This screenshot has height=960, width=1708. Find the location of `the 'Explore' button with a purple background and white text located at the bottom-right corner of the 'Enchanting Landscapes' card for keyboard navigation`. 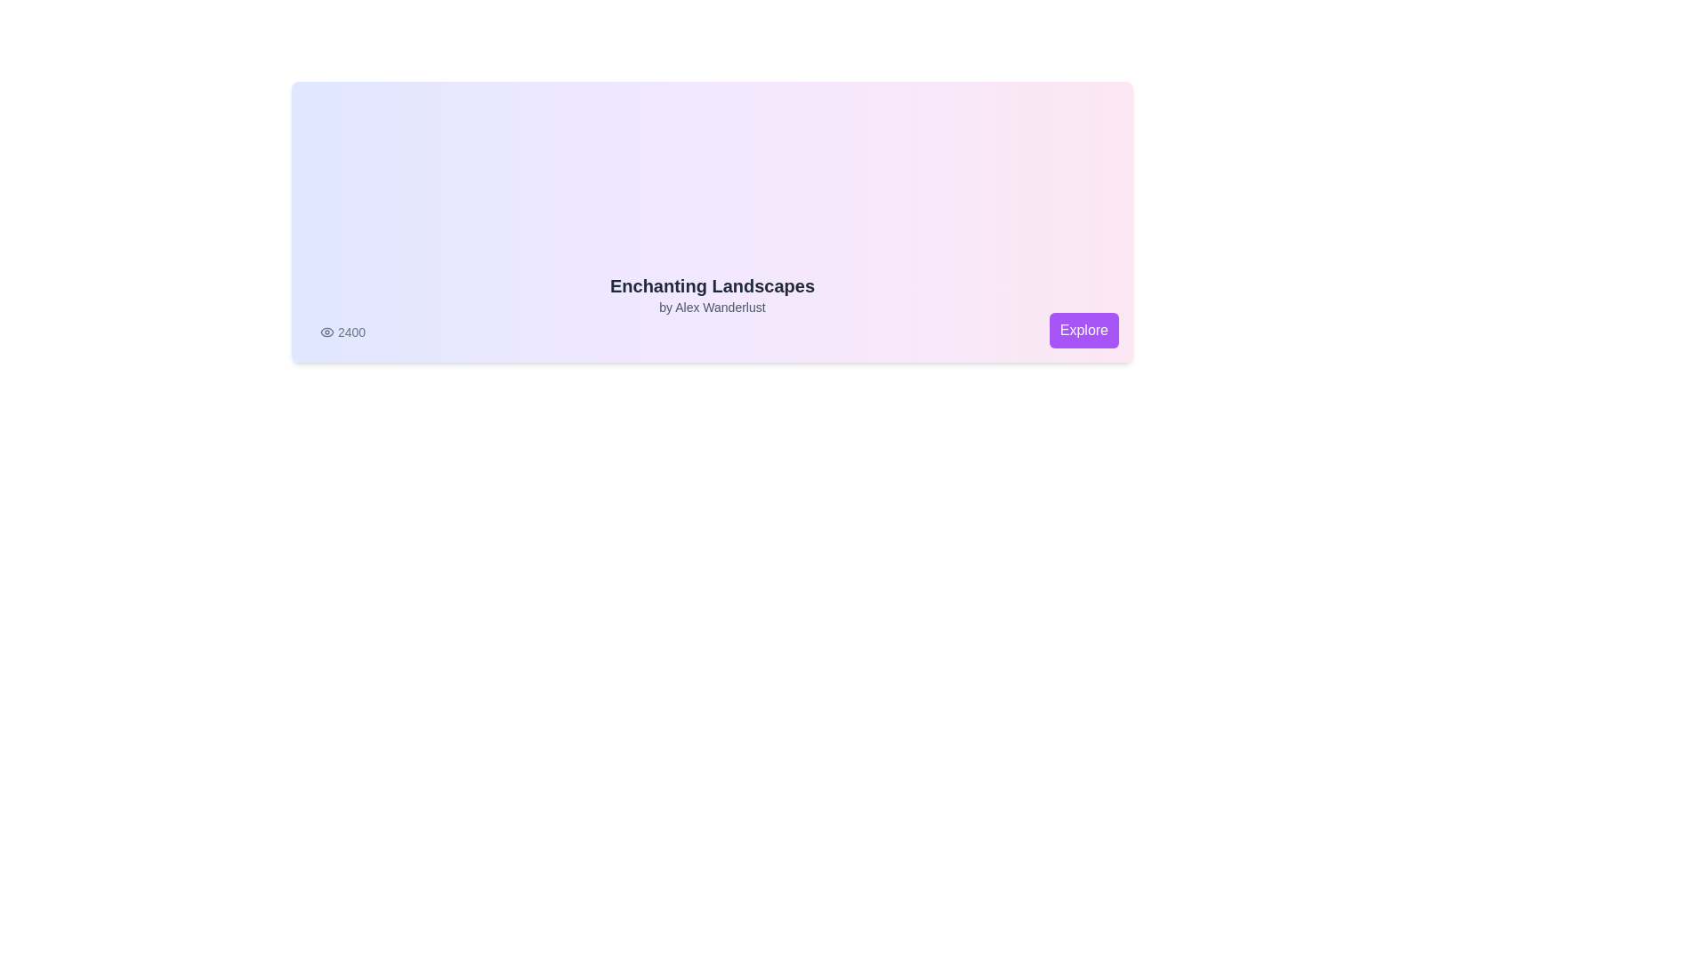

the 'Explore' button with a purple background and white text located at the bottom-right corner of the 'Enchanting Landscapes' card for keyboard navigation is located at coordinates (1083, 330).